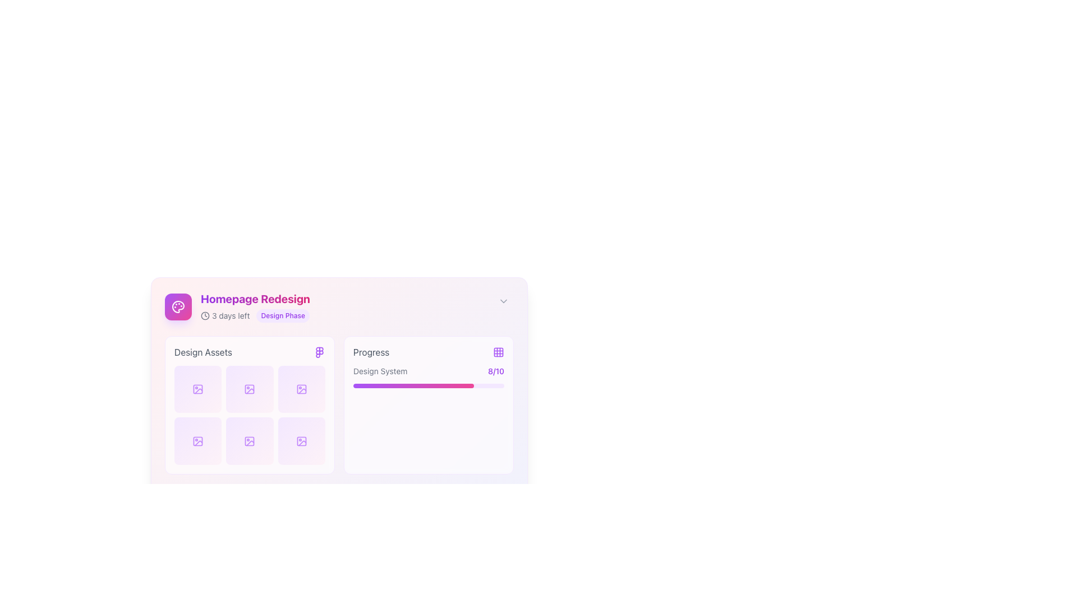  Describe the element at coordinates (249, 389) in the screenshot. I see `the design asset icon located` at that location.